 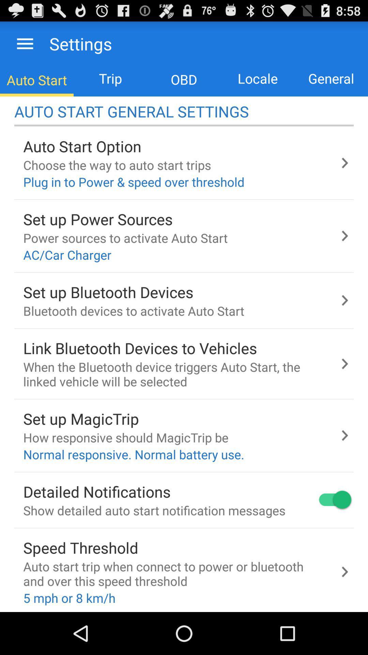 What do you see at coordinates (344, 300) in the screenshot?
I see `third arrow from the top in settings` at bounding box center [344, 300].